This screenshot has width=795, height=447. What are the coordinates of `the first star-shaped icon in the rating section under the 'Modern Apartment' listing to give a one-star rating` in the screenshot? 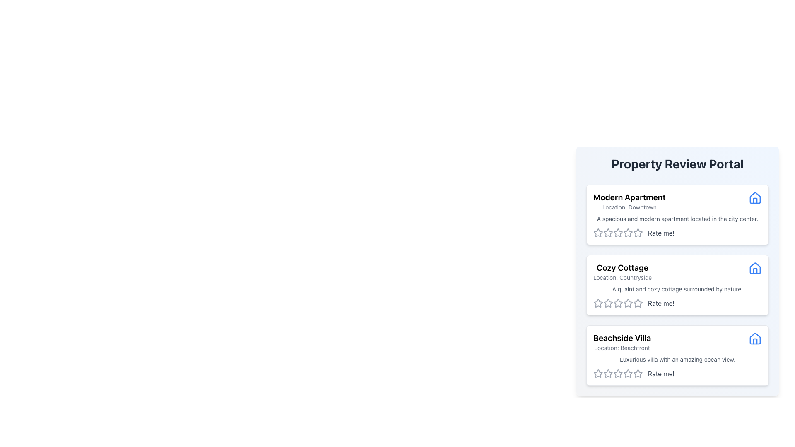 It's located at (598, 233).